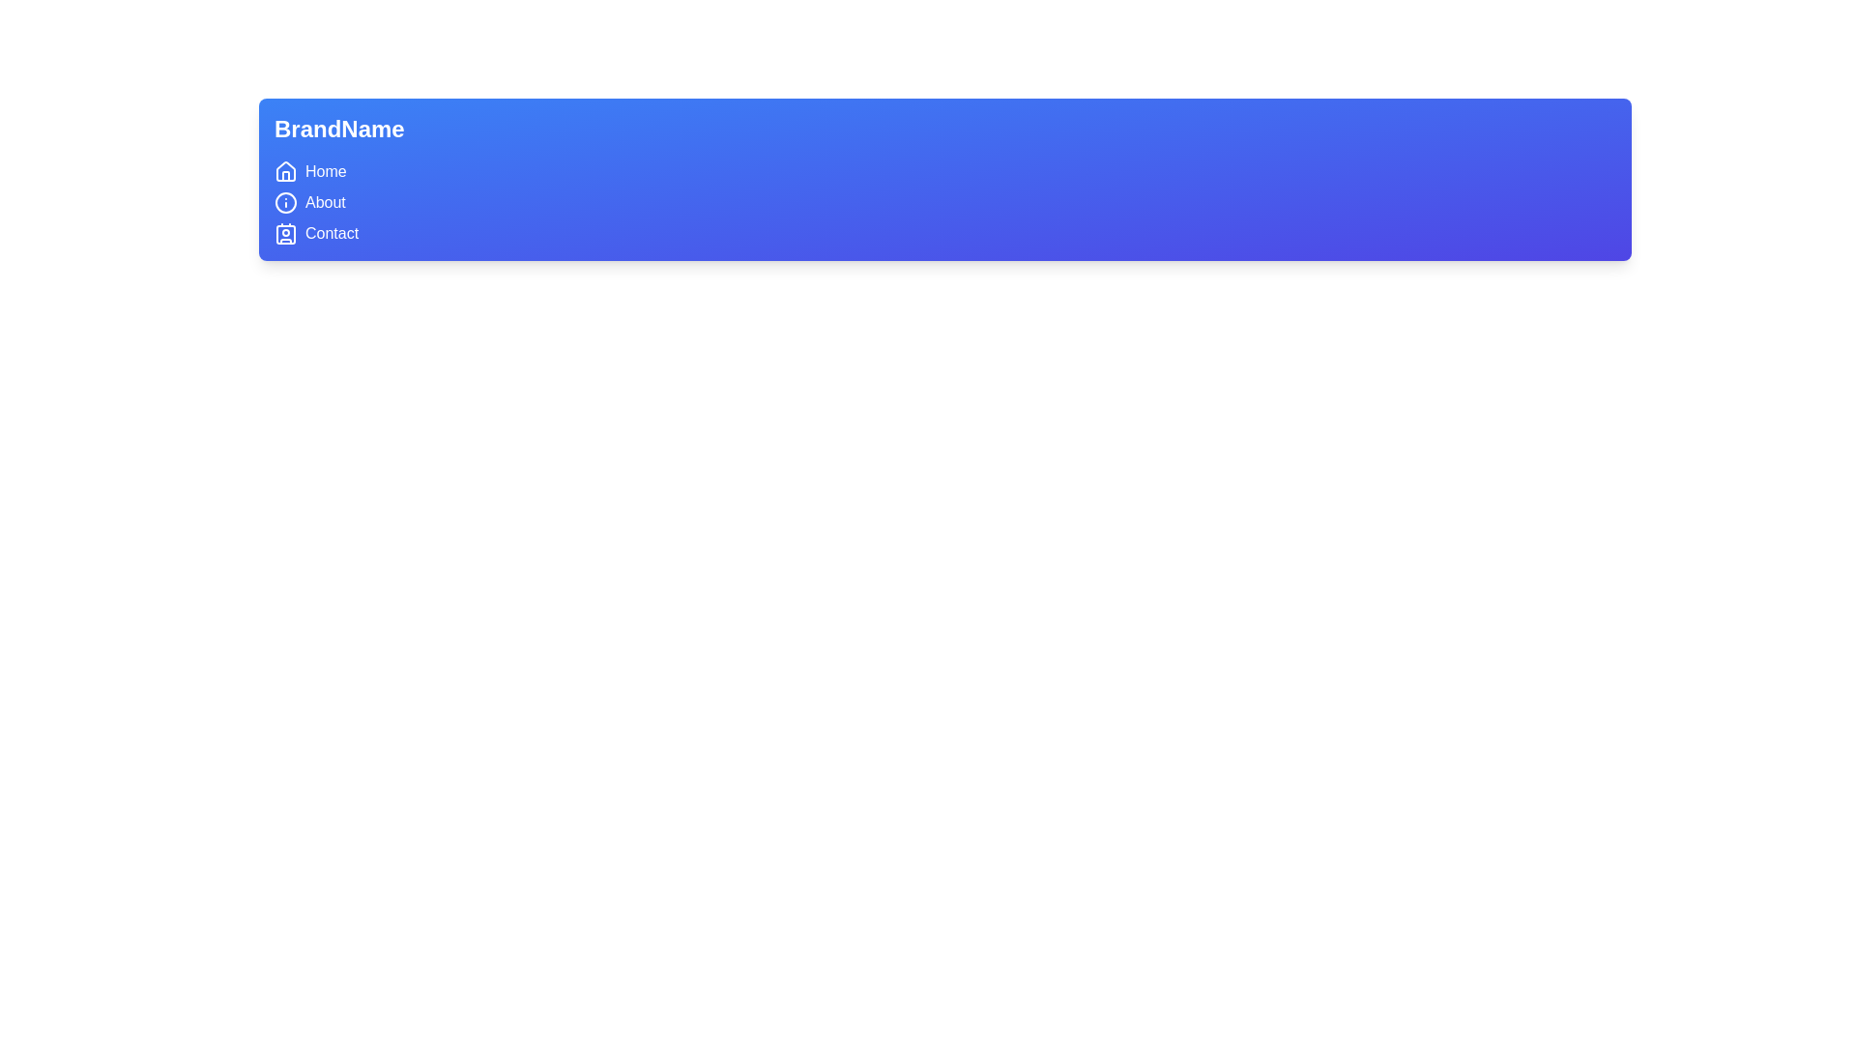 This screenshot has height=1044, width=1856. Describe the element at coordinates (285, 170) in the screenshot. I see `the 'Home' navigational icon located at the first position in the vertical stack of icons on the left side of the blue menu bar` at that location.